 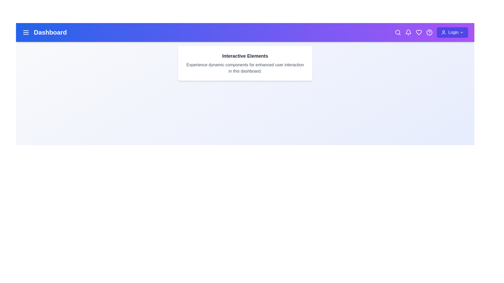 What do you see at coordinates (398, 32) in the screenshot?
I see `the search icon to activate the search functionality` at bounding box center [398, 32].